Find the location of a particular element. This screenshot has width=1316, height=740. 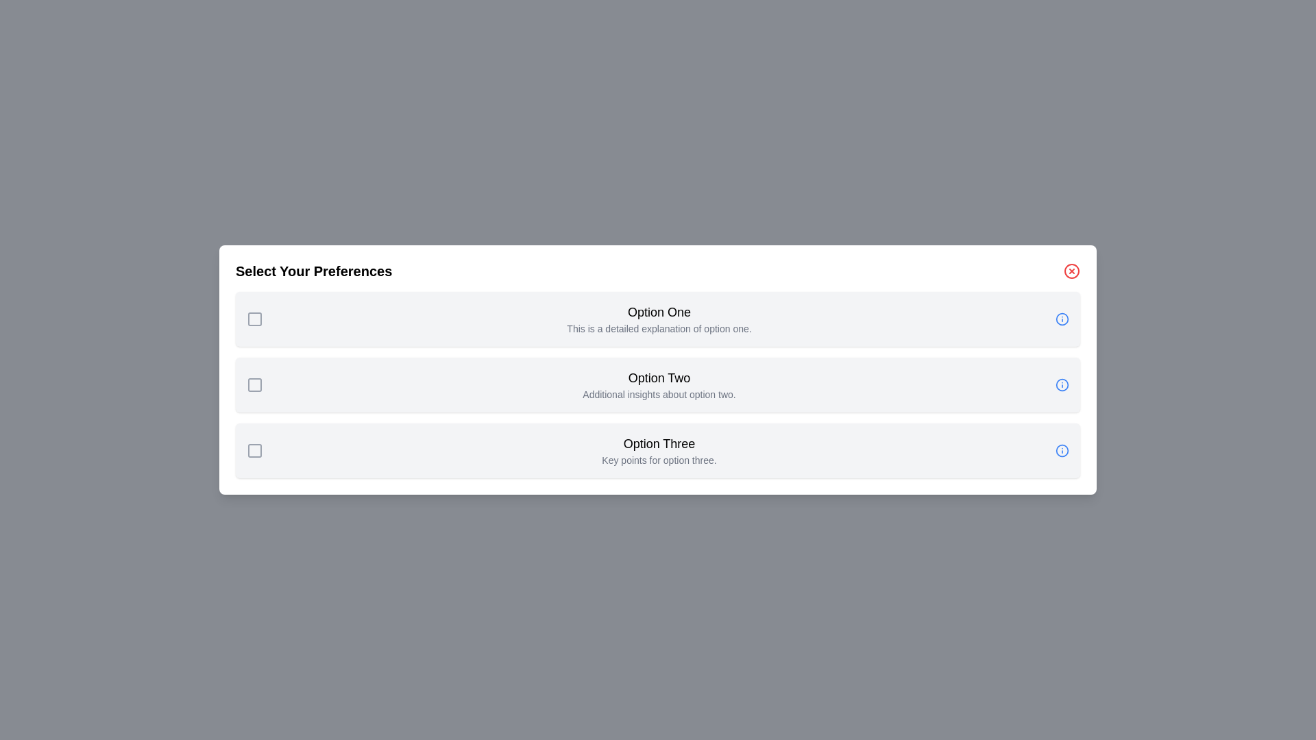

the third text label that provides information about the third selectable option to read the description is located at coordinates (659, 451).